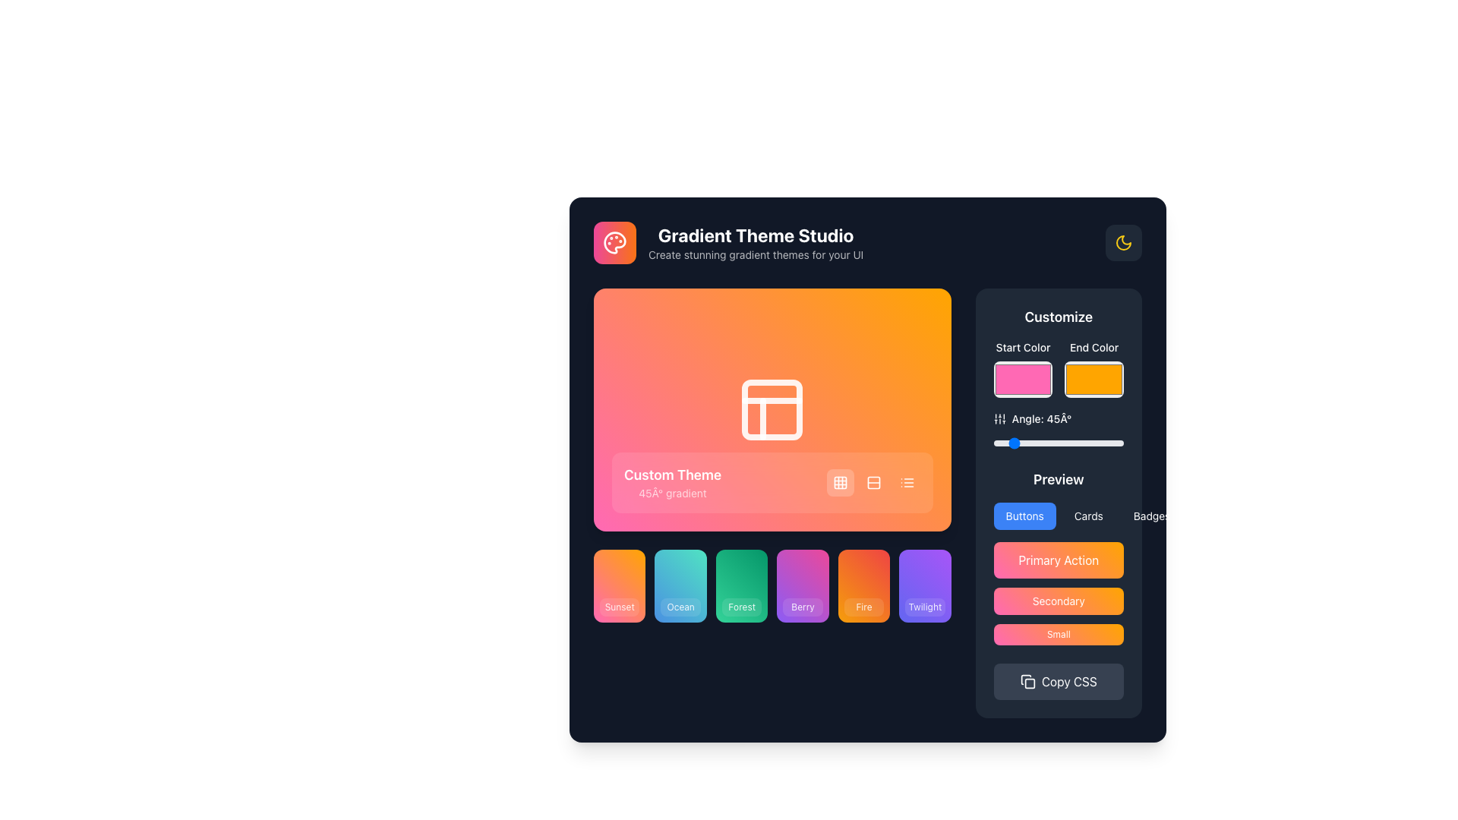 This screenshot has width=1458, height=820. Describe the element at coordinates (1030, 683) in the screenshot. I see `the inner rectangle of the 'Copy CSS' button icon to indicate its copy functionality` at that location.